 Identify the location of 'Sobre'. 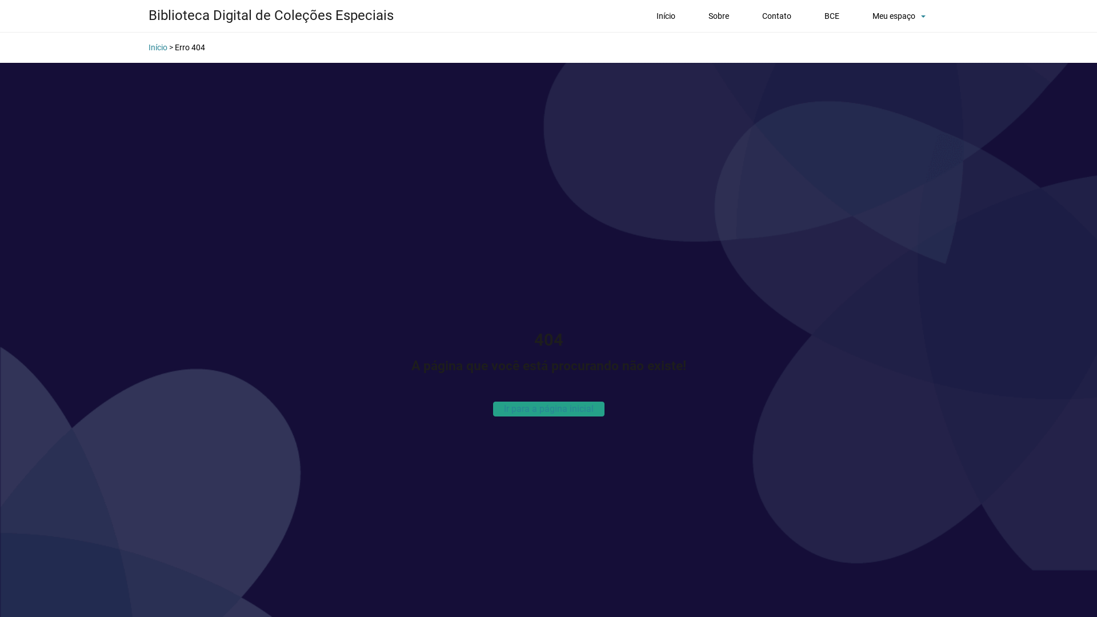
(703, 16).